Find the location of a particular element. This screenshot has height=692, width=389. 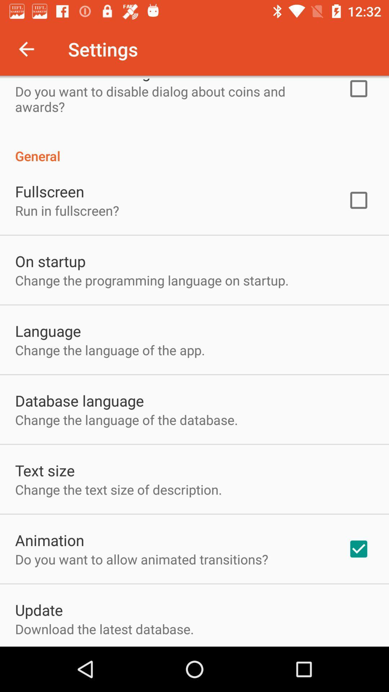

icon below change the text icon is located at coordinates (49, 540).